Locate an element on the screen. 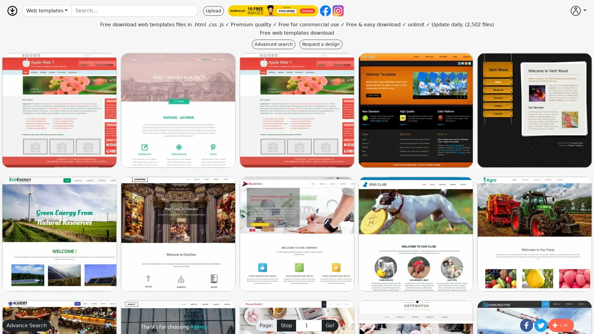 This screenshot has height=334, width=594. Share to Twitter is located at coordinates (540, 325).